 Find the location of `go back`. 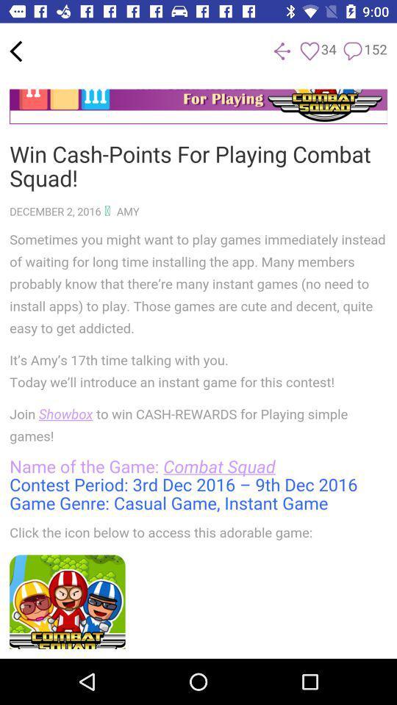

go back is located at coordinates (282, 51).